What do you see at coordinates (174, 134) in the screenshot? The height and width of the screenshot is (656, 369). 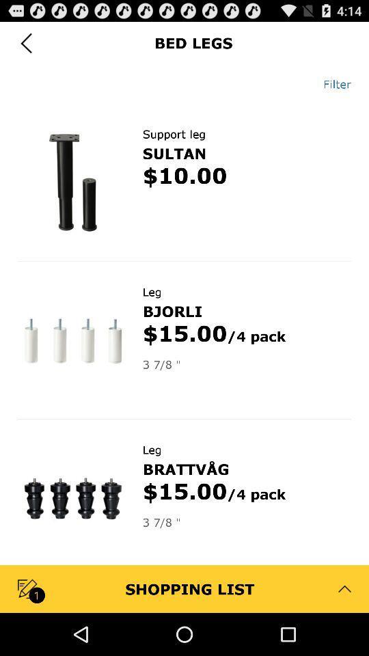 I see `item above sultan icon` at bounding box center [174, 134].